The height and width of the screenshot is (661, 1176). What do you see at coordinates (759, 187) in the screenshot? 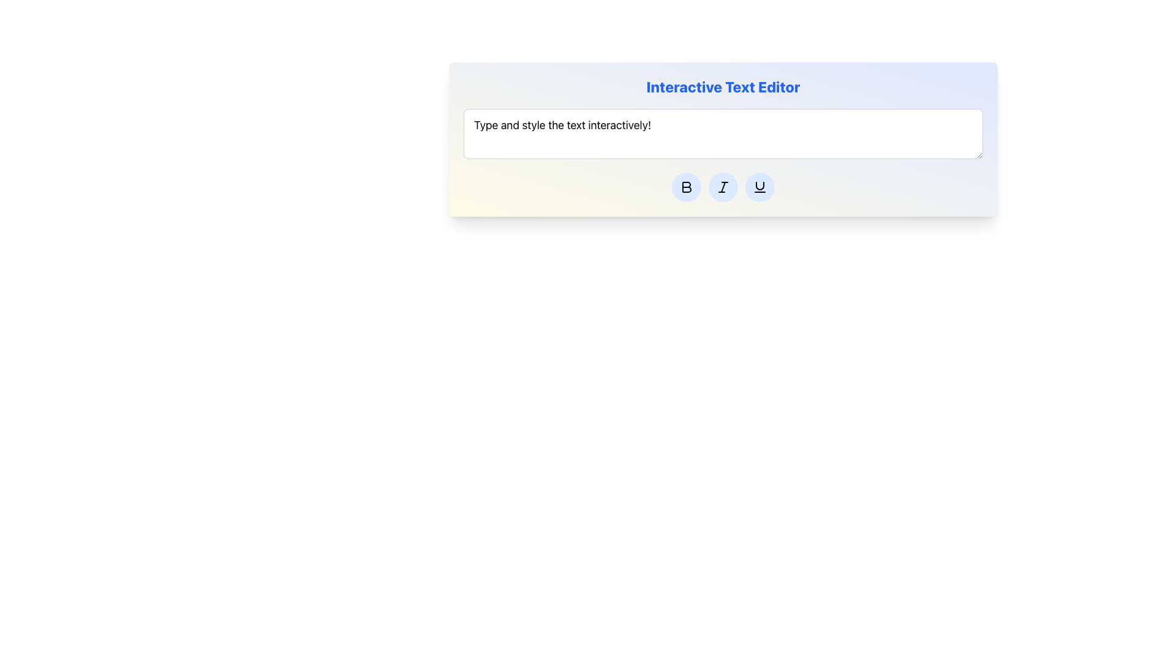
I see `the fourth circular button that toggles underline formatting in the text editor to change its appearance` at bounding box center [759, 187].